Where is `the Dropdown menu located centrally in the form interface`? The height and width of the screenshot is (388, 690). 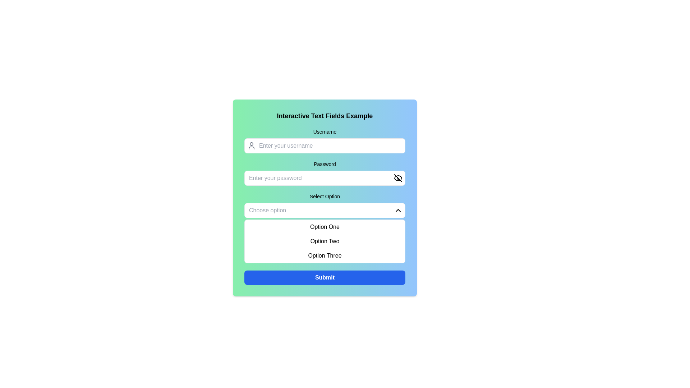
the Dropdown menu located centrally in the form interface is located at coordinates (324, 228).